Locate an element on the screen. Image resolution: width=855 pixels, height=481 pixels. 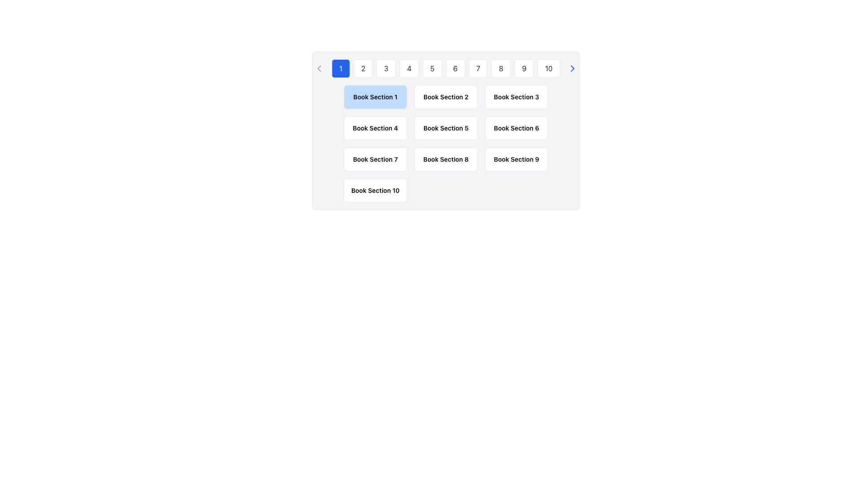
the selectable card labeled 'Book Section 5' located in the second row, second column of the grid layout is located at coordinates (446, 130).